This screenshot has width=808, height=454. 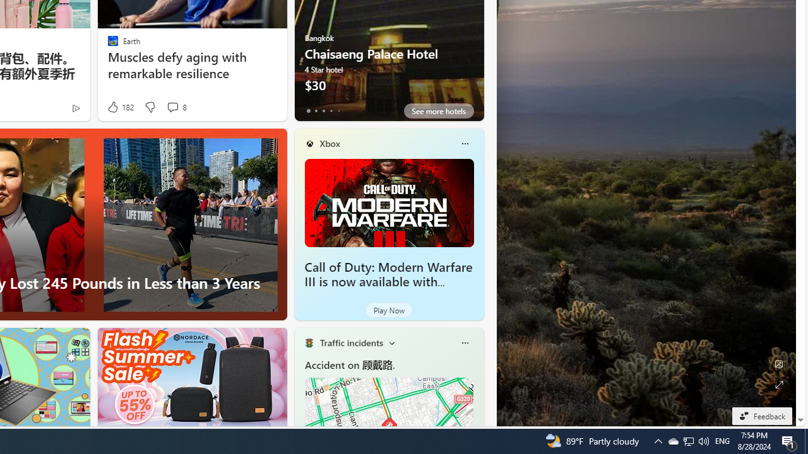 What do you see at coordinates (439, 110) in the screenshot?
I see `'See more hotels'` at bounding box center [439, 110].